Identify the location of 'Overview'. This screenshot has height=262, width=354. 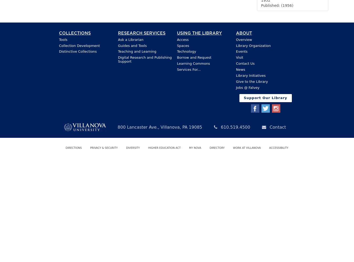
(244, 39).